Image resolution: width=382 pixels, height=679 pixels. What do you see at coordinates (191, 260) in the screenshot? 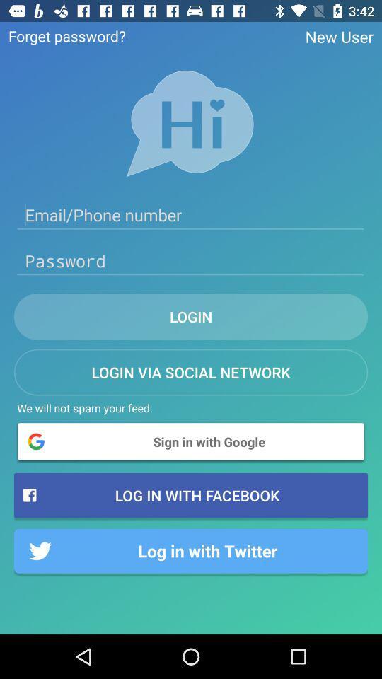
I see `password box` at bounding box center [191, 260].